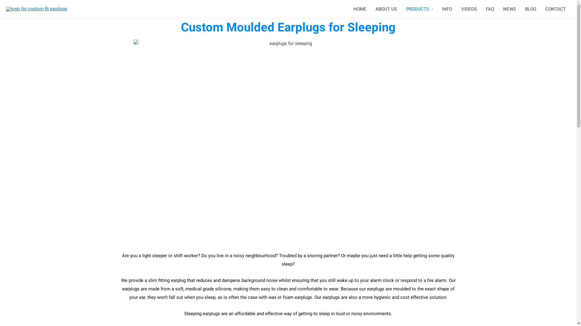 This screenshot has width=581, height=326. Describe the element at coordinates (509, 9) in the screenshot. I see `'NEWS'` at that location.